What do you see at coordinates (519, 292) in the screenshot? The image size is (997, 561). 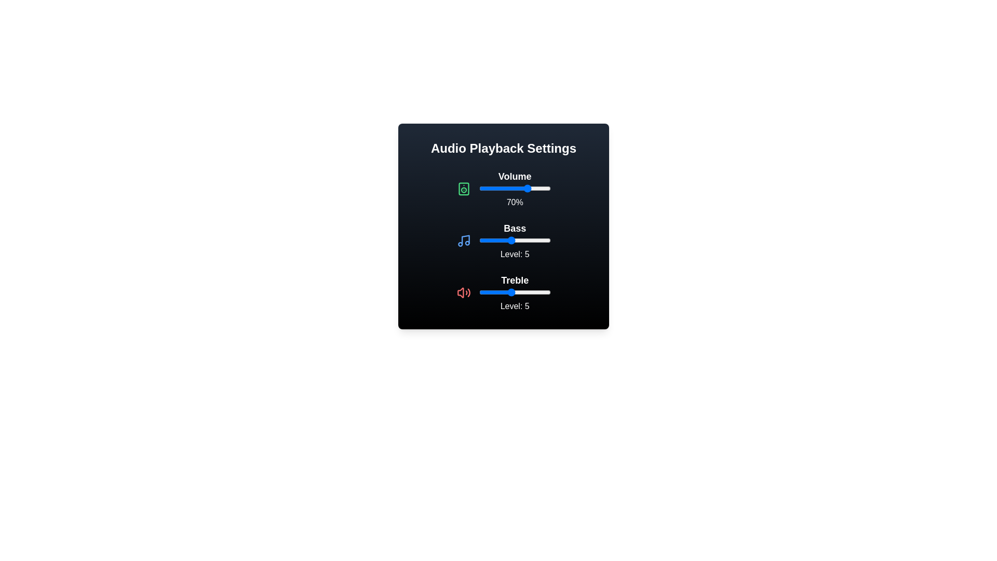 I see `treble level` at bounding box center [519, 292].